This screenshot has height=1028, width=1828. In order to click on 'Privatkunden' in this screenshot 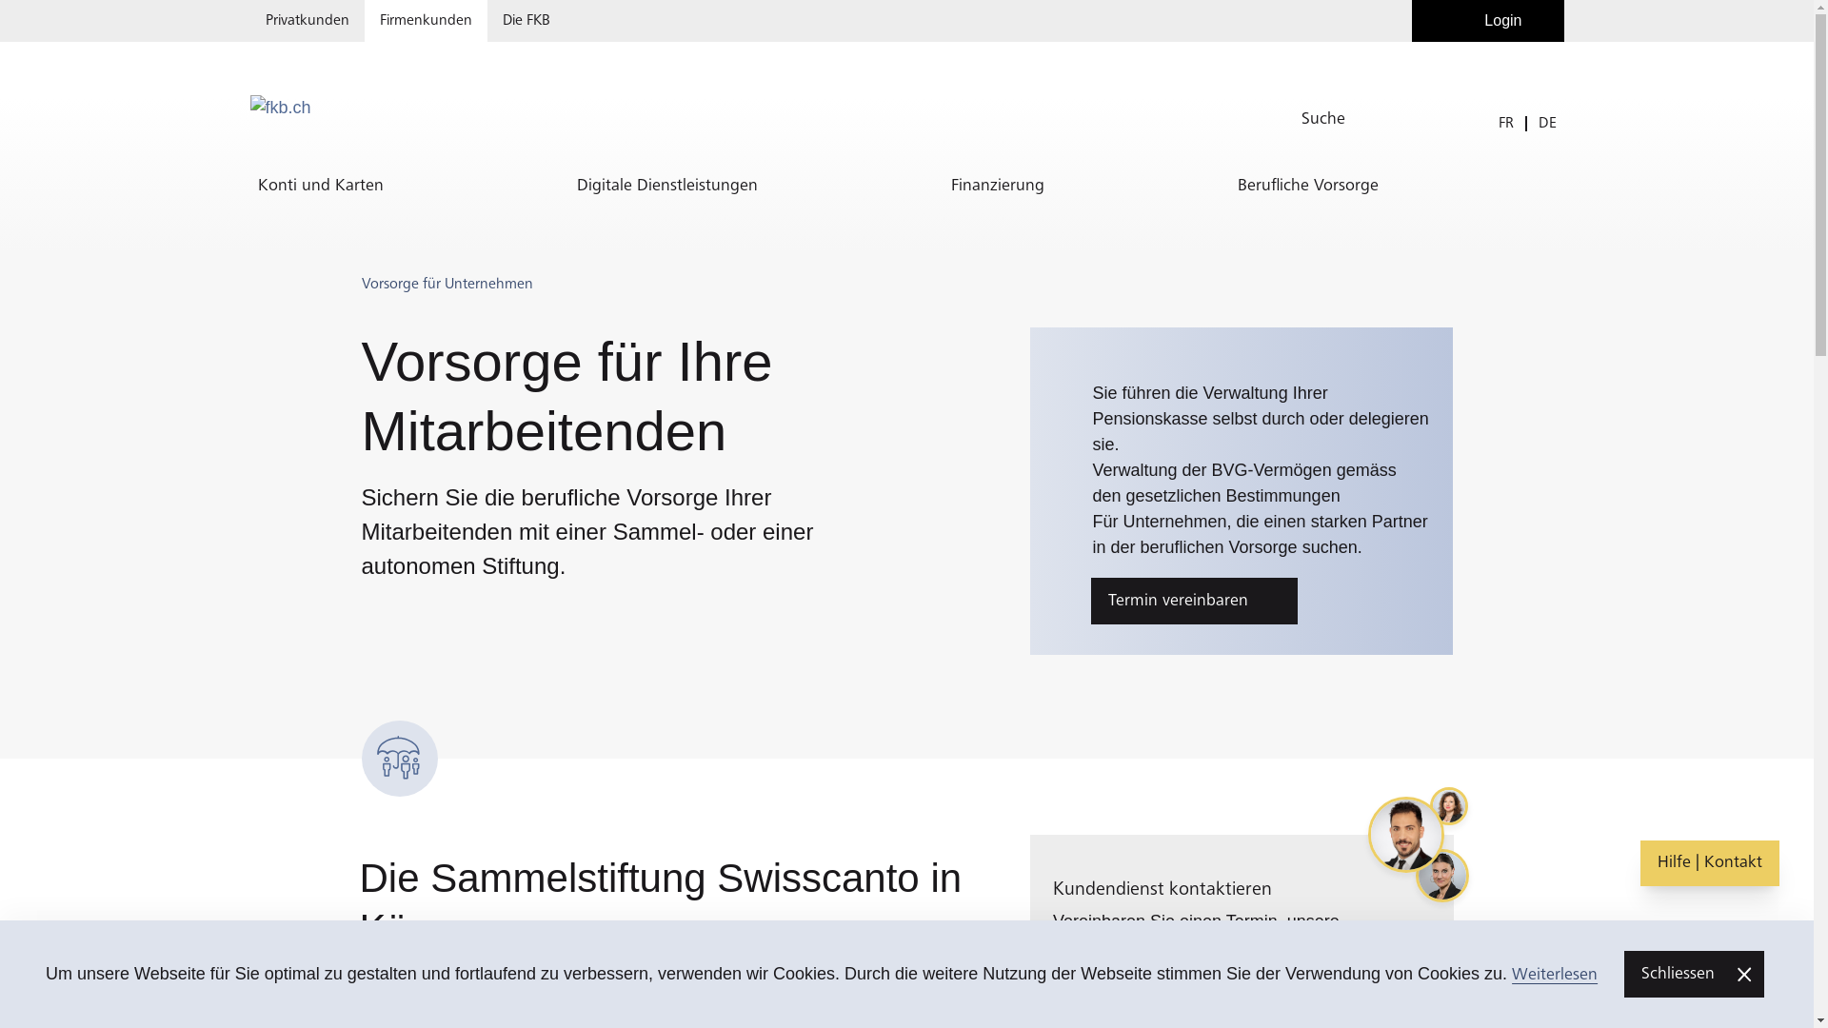, I will do `click(306, 21)`.